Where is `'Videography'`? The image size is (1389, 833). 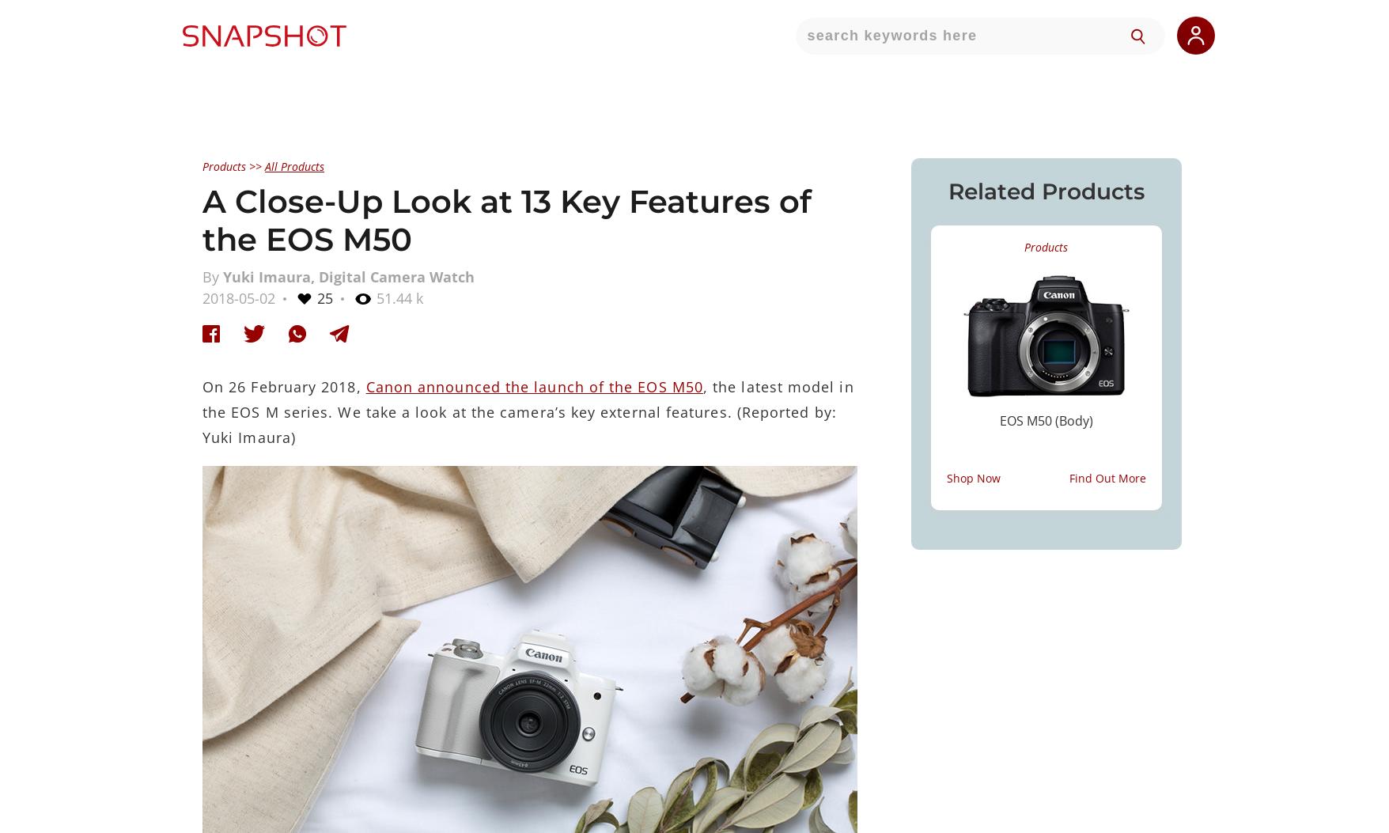 'Videography' is located at coordinates (656, 328).